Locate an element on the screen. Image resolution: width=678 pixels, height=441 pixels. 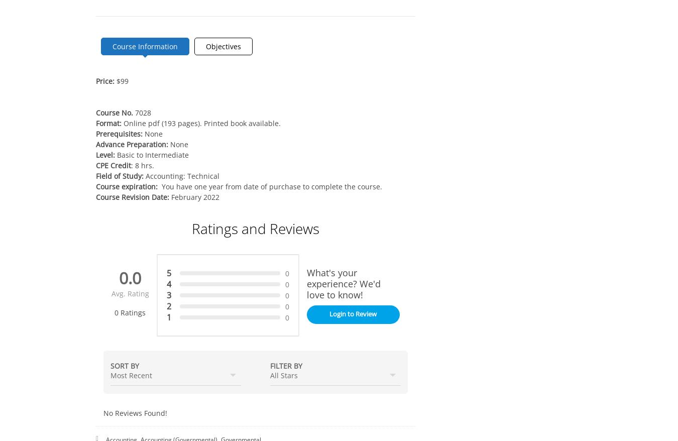
'0.0' is located at coordinates (130, 277).